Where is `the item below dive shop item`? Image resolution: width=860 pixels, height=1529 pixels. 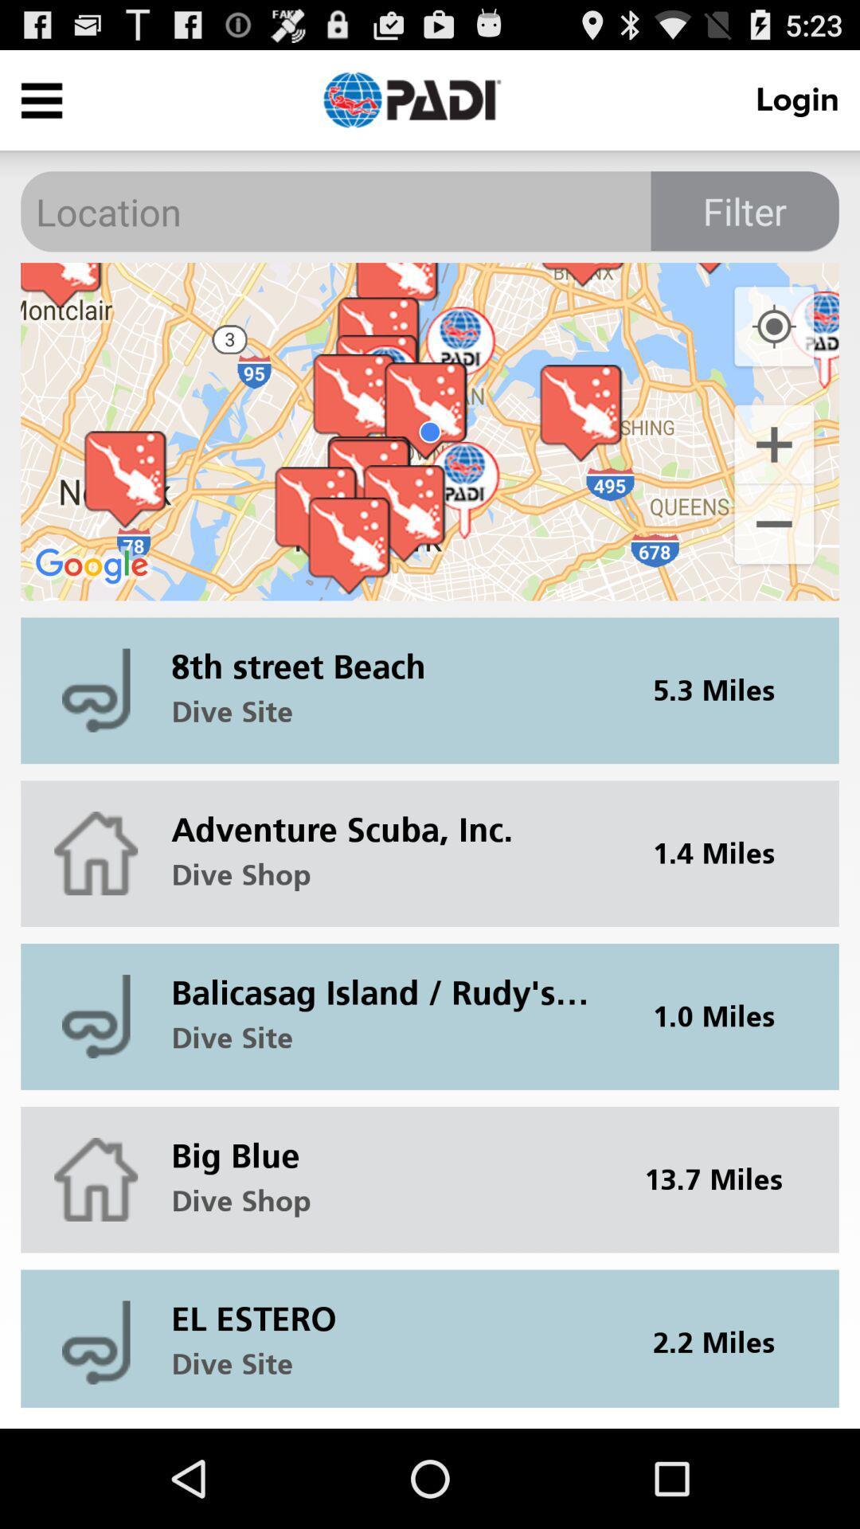 the item below dive shop item is located at coordinates (390, 980).